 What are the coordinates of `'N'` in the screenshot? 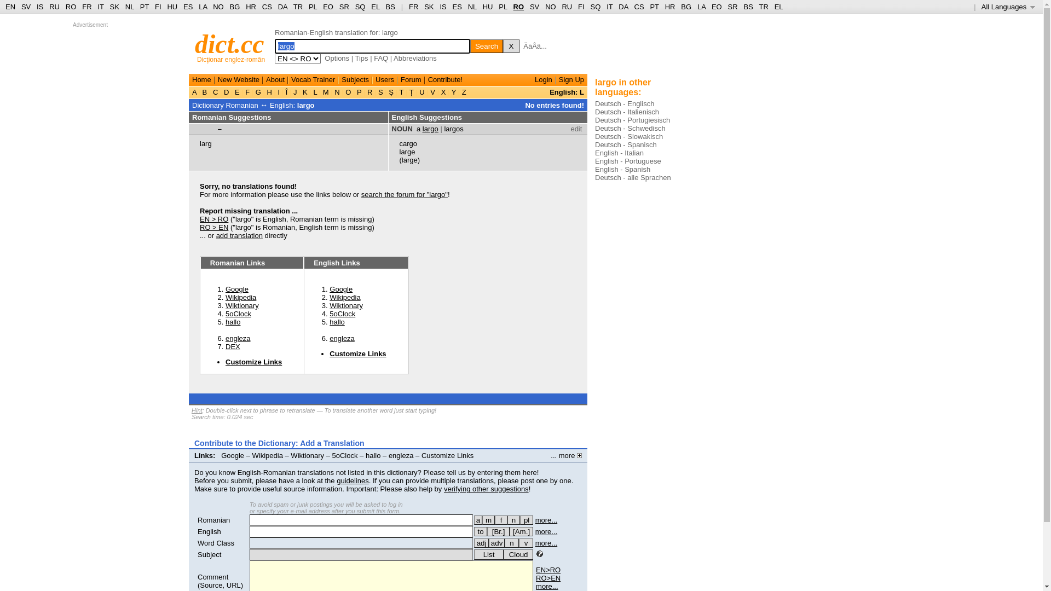 It's located at (337, 91).